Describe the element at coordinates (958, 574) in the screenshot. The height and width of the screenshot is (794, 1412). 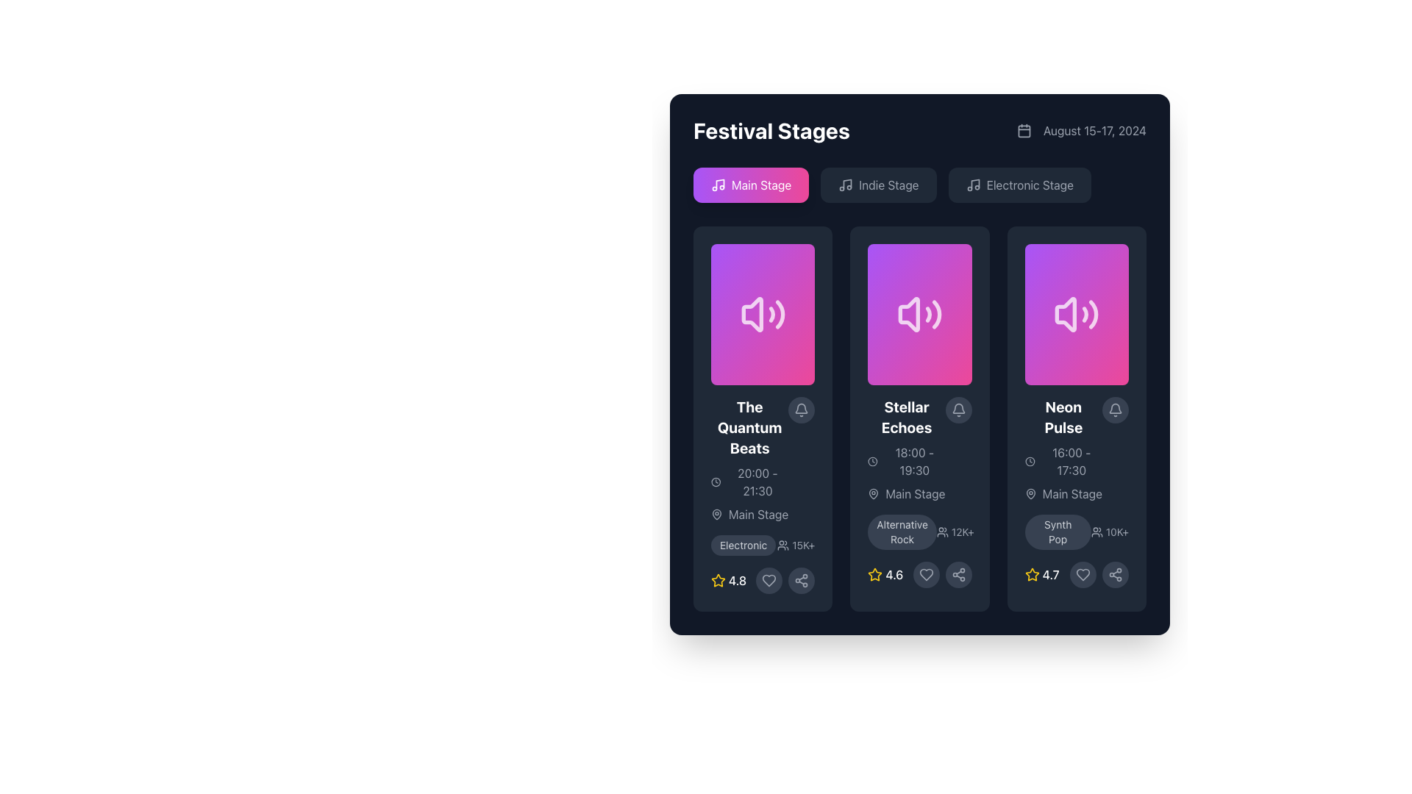
I see `the share button located beneath the 'Stellar Echoes' card, which is the third button in a horizontal group of buttons following a star-shaped button and a heart-shaped button` at that location.